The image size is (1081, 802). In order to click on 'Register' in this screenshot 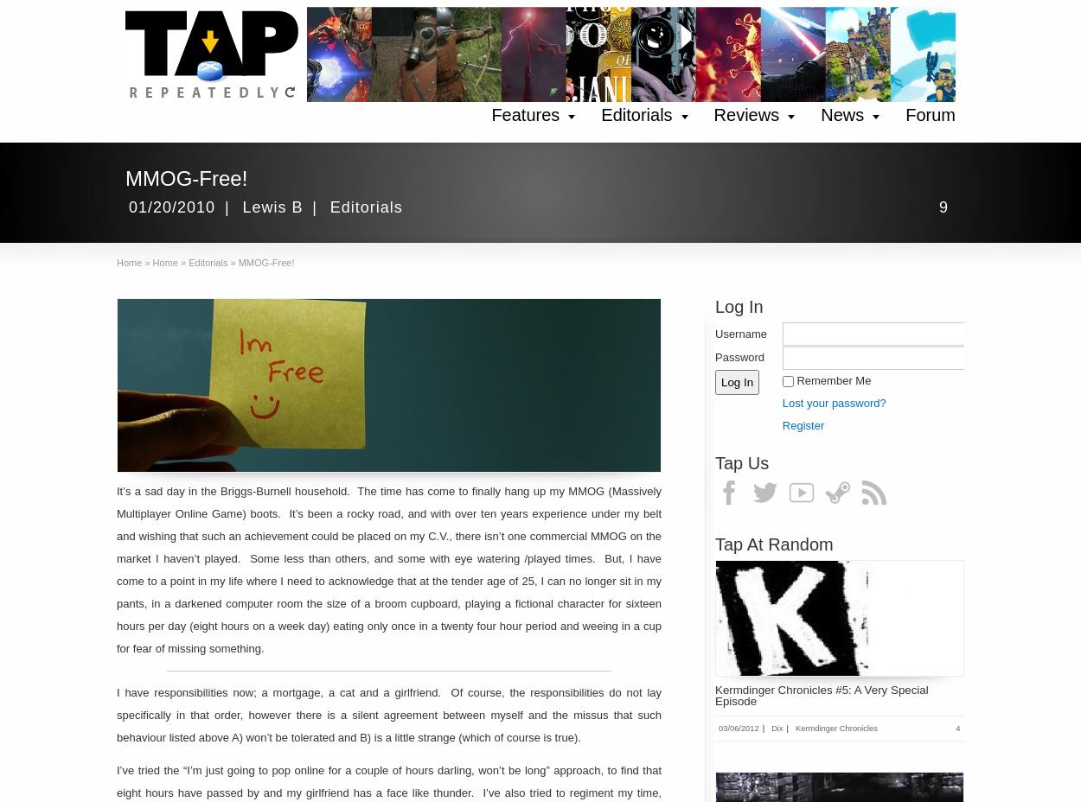, I will do `click(781, 423)`.